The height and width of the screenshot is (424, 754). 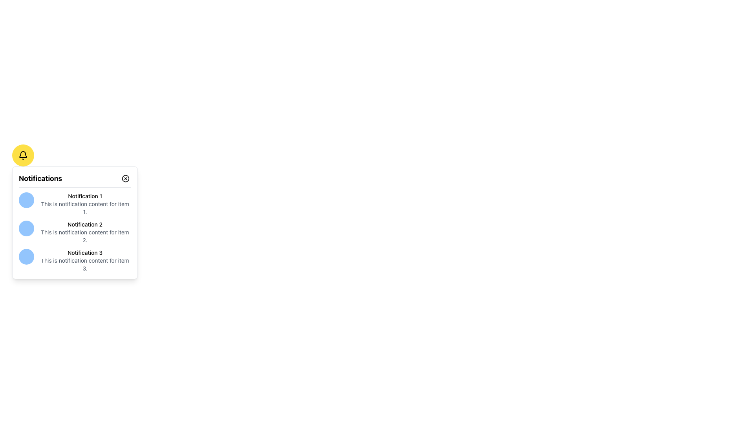 What do you see at coordinates (85, 253) in the screenshot?
I see `the Label element displaying 'Notification 3', which is the header text of the third notification card in the notification panel` at bounding box center [85, 253].